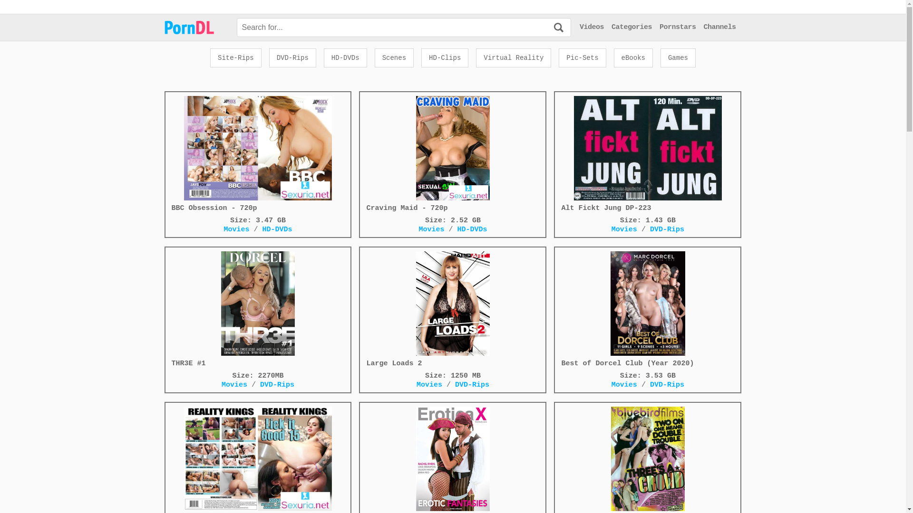  I want to click on 'BBC Obsession - 720p', so click(258, 153).